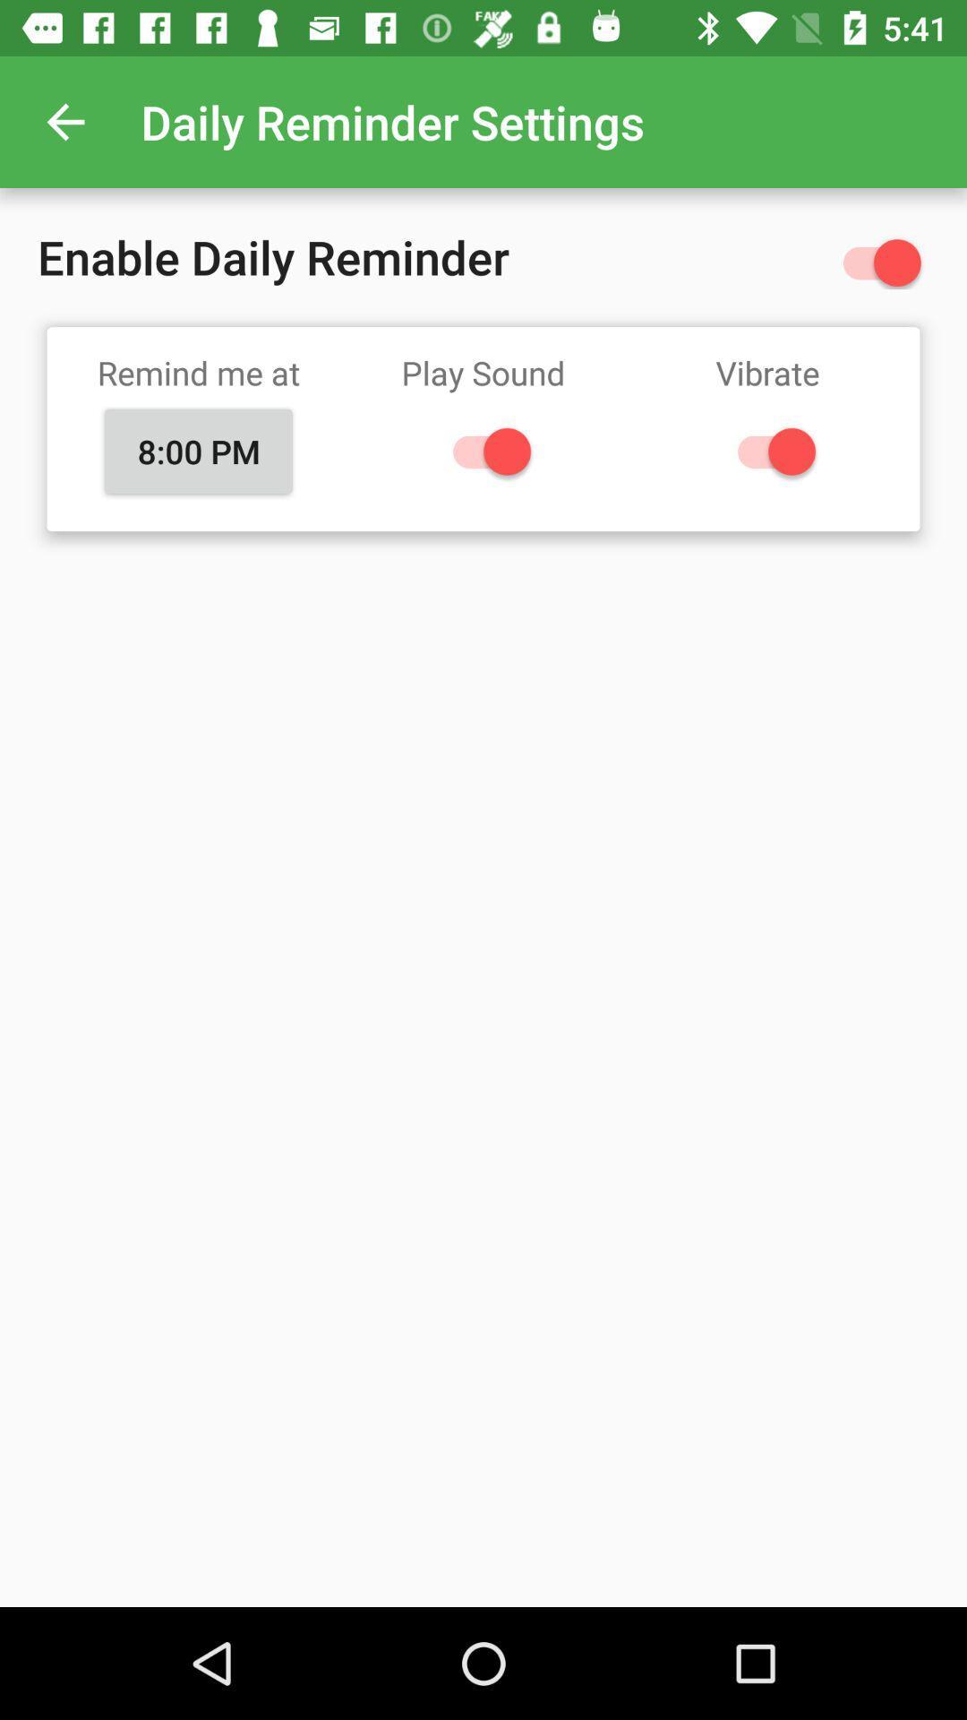  I want to click on the icon below remind me at item, so click(199, 451).